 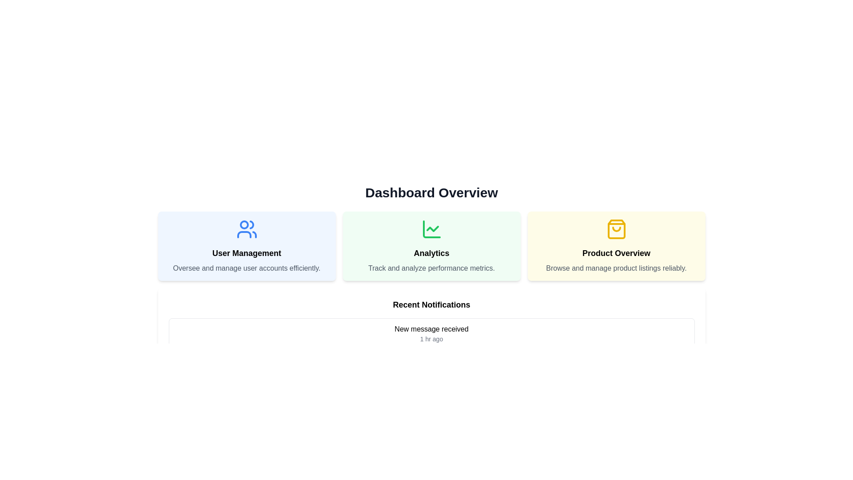 I want to click on the 'Recent Notifications' text label, which is a bold and larger font heading located at the top of the notifications panel, so click(x=431, y=304).